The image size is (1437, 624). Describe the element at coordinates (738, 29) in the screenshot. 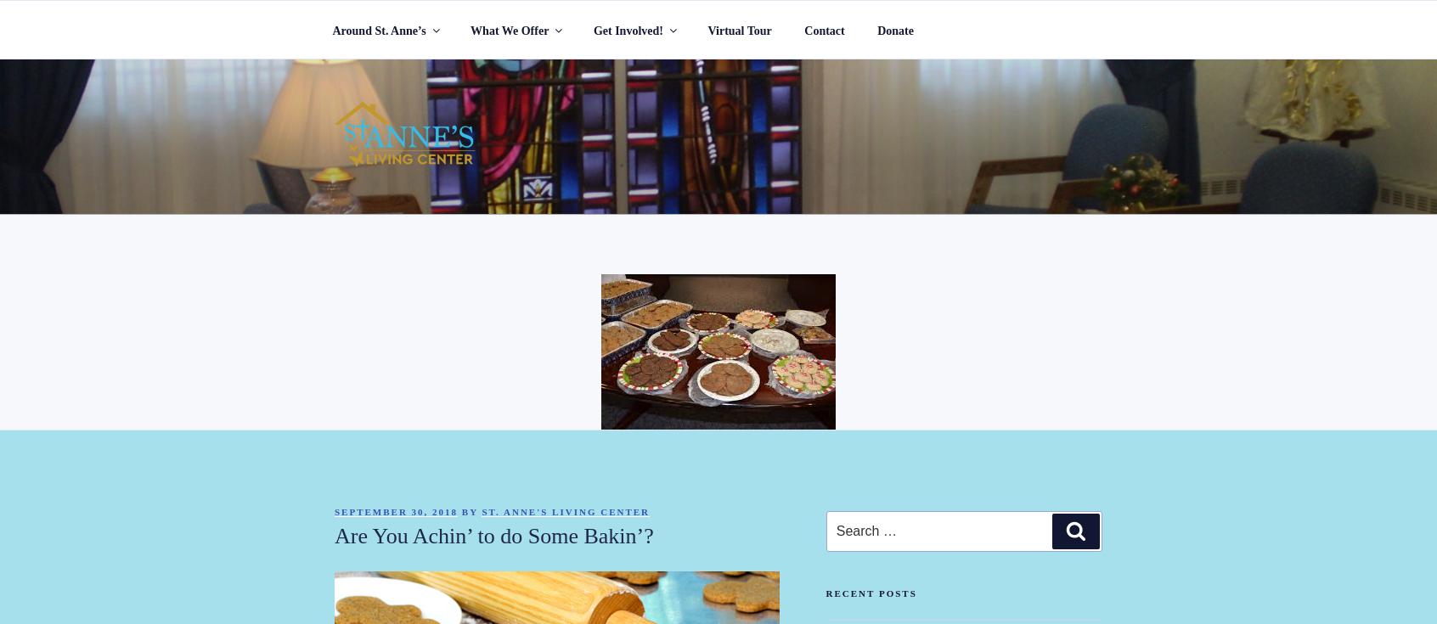

I see `'Virtual Tour'` at that location.